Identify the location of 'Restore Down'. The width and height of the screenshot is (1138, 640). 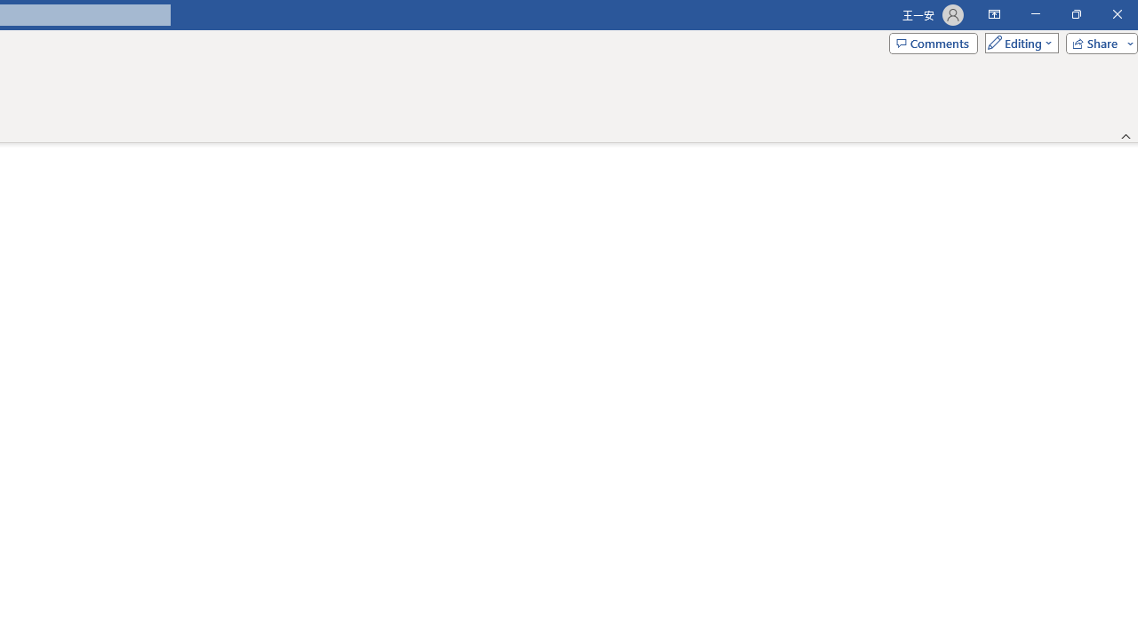
(1075, 14).